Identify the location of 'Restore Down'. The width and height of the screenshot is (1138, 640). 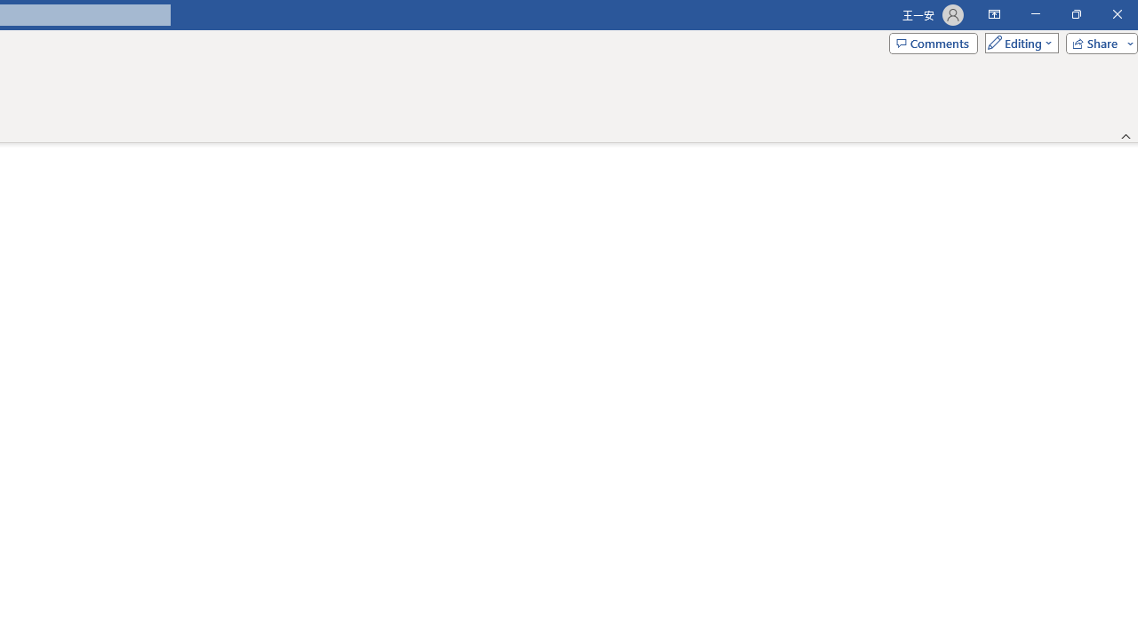
(1075, 14).